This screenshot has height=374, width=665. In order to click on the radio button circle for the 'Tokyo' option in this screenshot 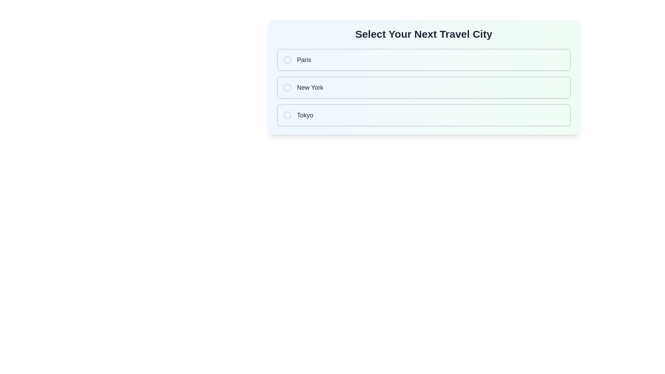, I will do `click(287, 115)`.